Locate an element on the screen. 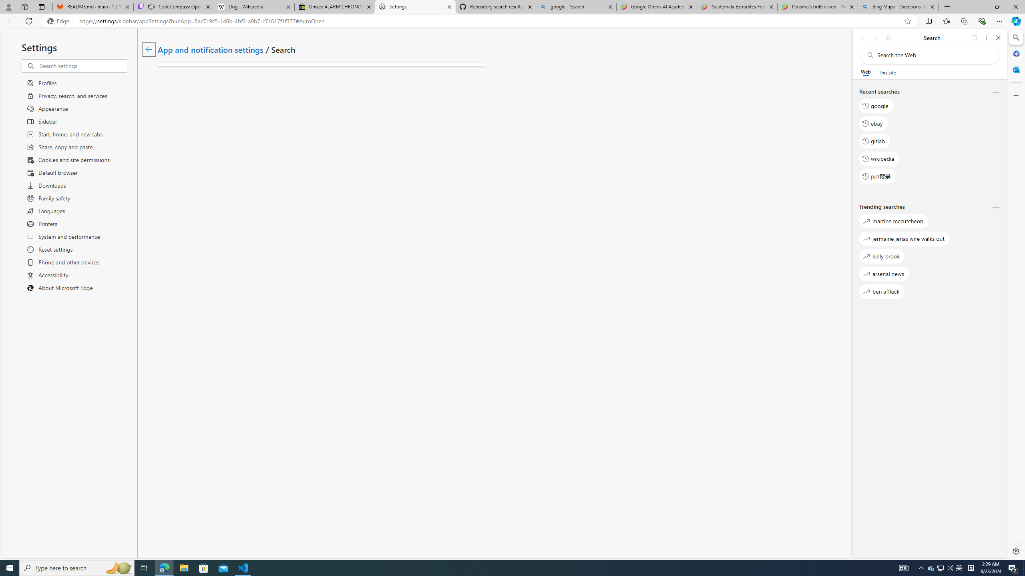  'arsenal news' is located at coordinates (884, 273).